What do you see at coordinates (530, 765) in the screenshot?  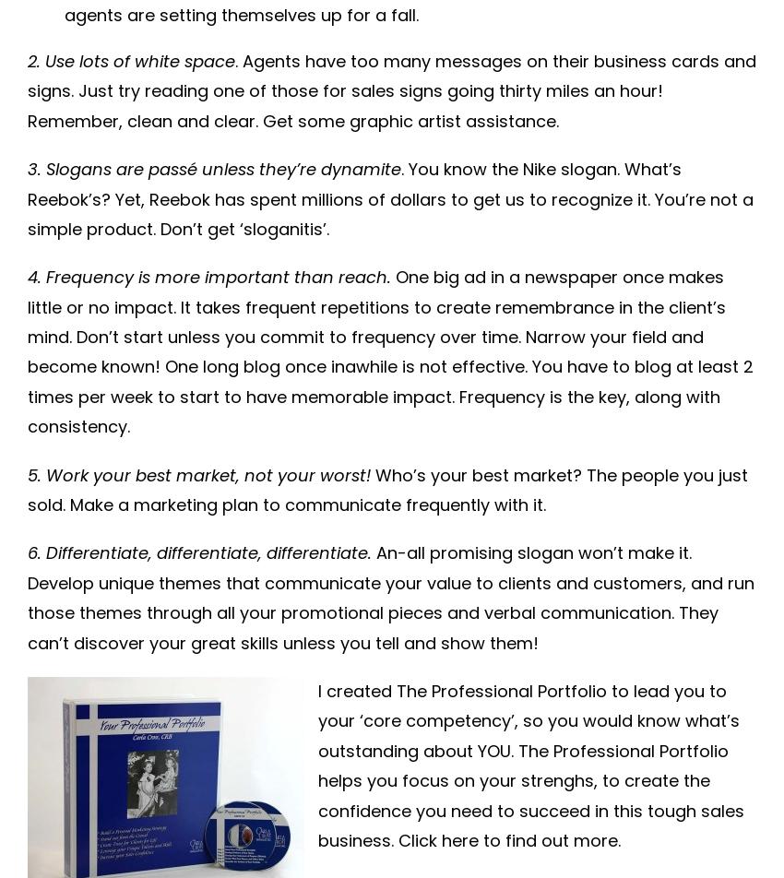 I see `'I created The Professional Portfolio to lead you to your ‘core competency’, so you would know what’s outstanding about YOU. The Professional Portfolio helps you focus on your strenghs, to create the confidence you need to succeed in this tough sales business.'` at bounding box center [530, 765].